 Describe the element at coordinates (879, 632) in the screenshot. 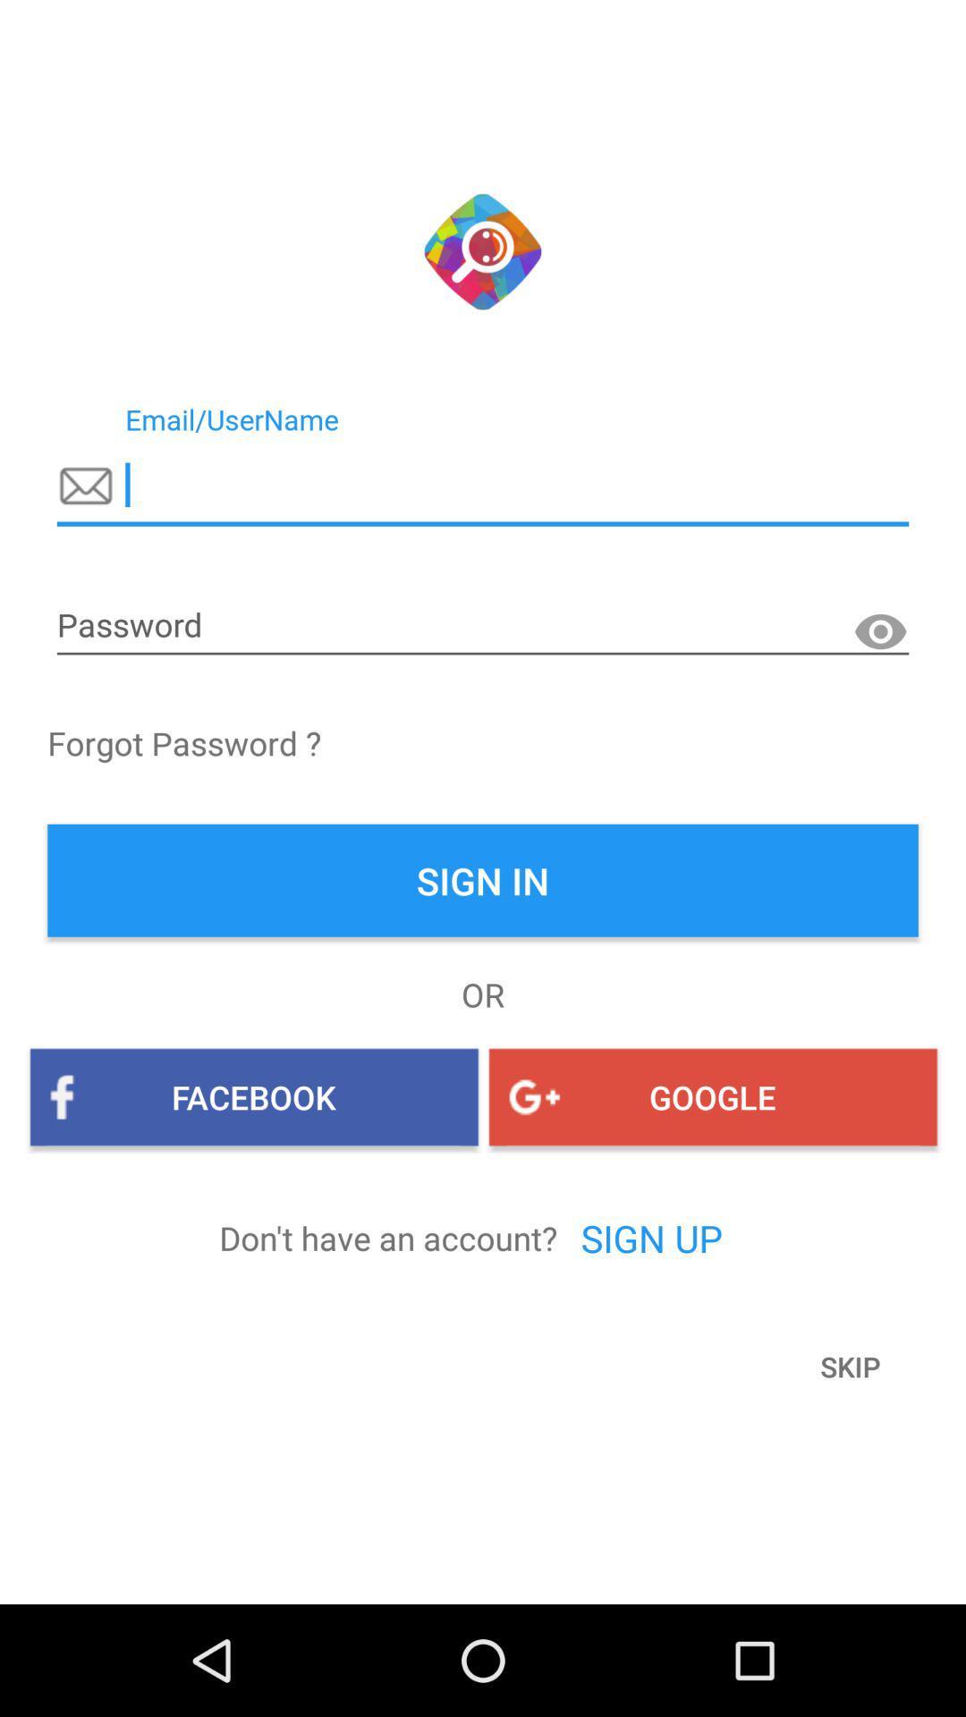

I see `watch` at that location.